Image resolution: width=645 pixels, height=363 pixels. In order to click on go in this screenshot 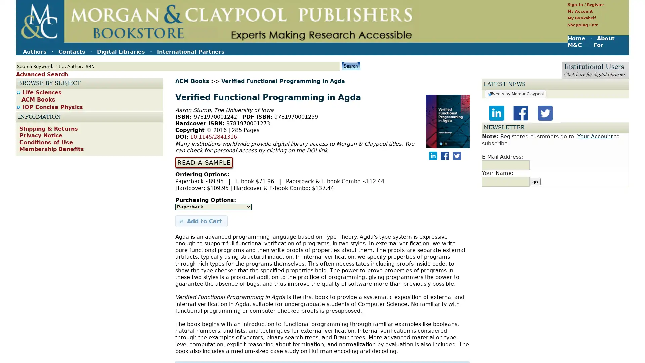, I will do `click(535, 357)`.